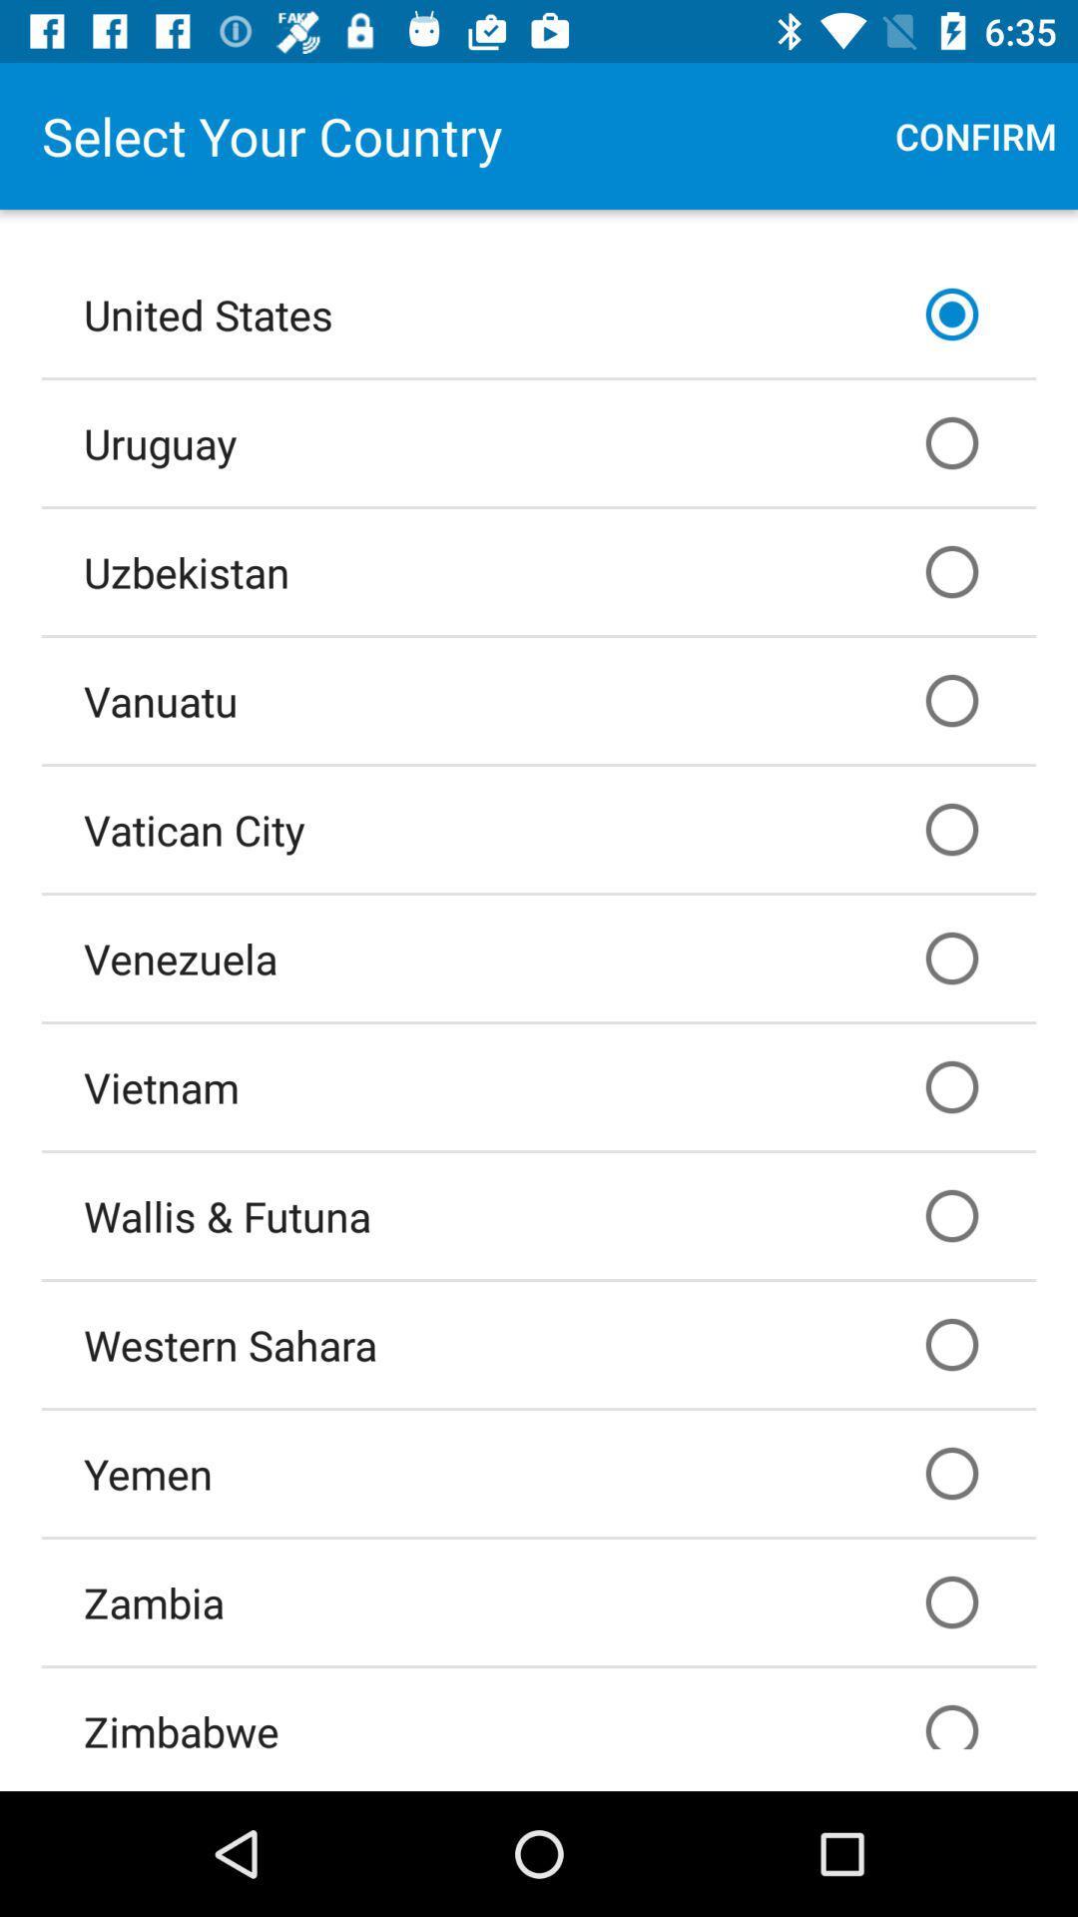 The height and width of the screenshot is (1917, 1078). What do you see at coordinates (539, 1473) in the screenshot?
I see `the item below western sahara item` at bounding box center [539, 1473].